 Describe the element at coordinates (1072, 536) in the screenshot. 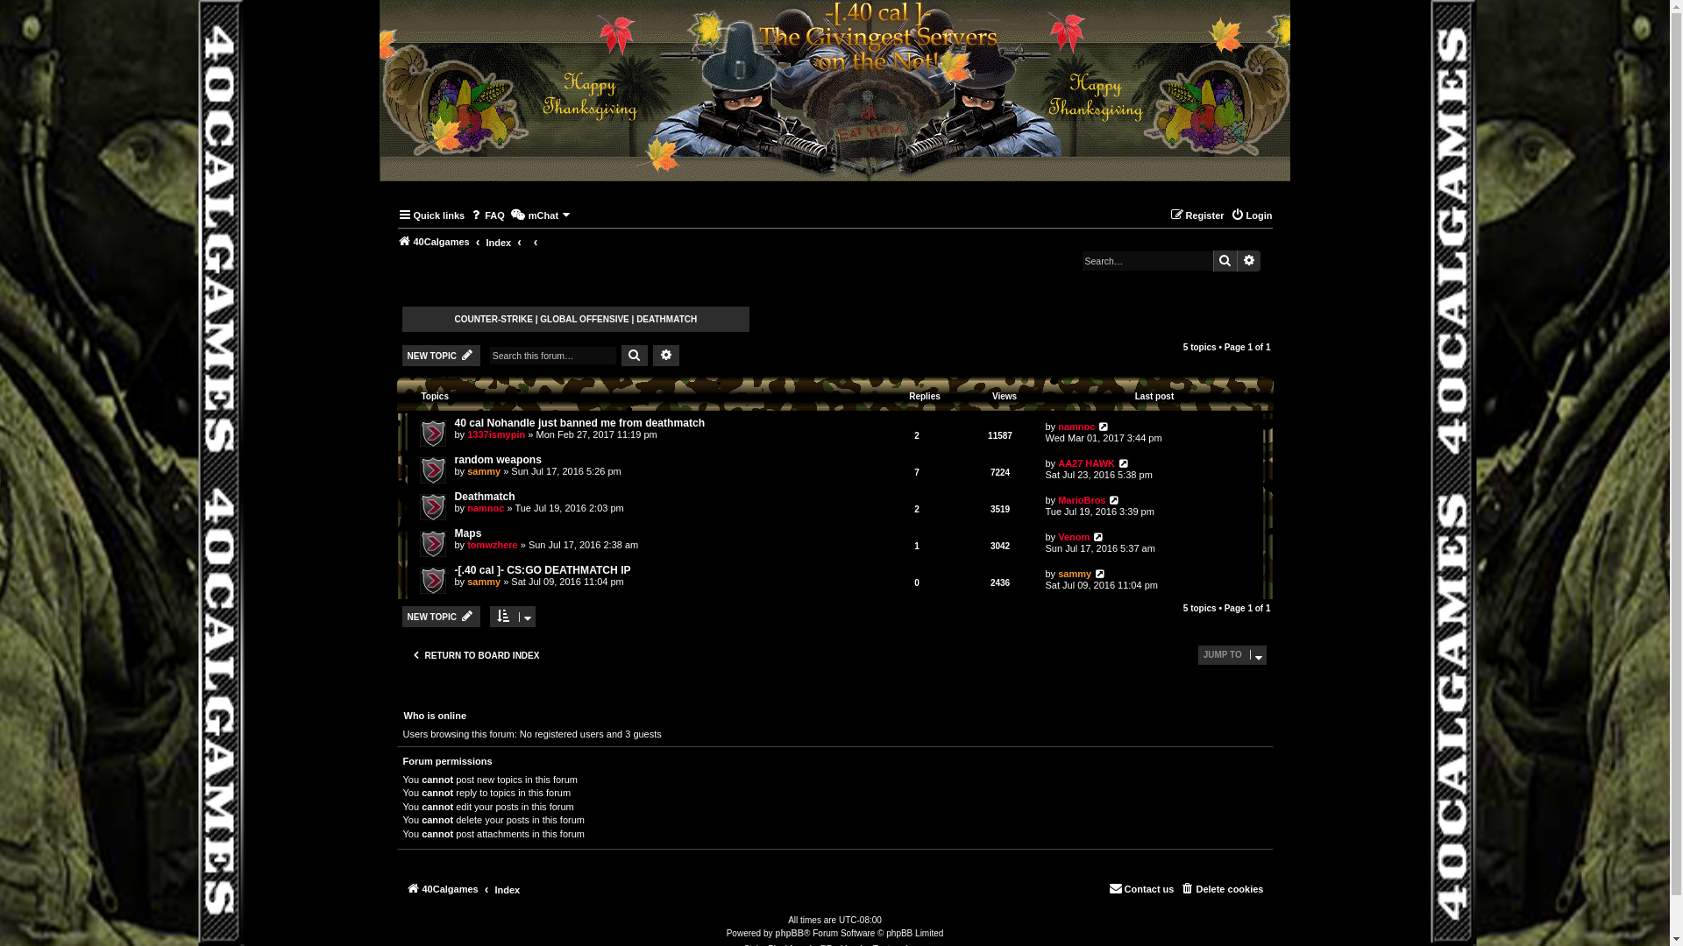

I see `'Venom'` at that location.